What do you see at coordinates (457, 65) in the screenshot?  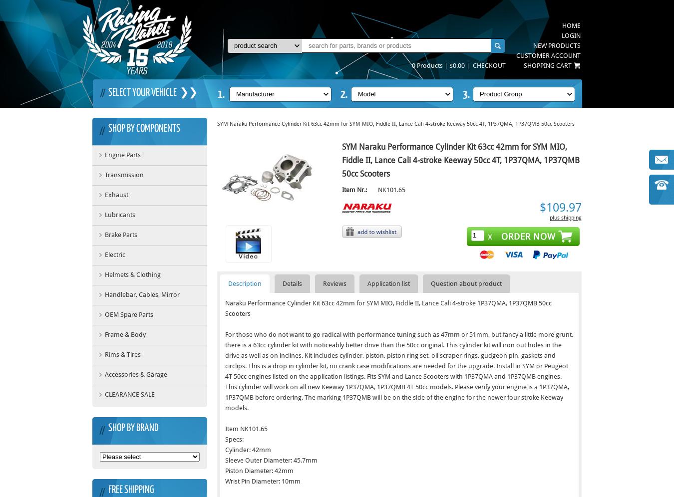 I see `'| $0.00 |'` at bounding box center [457, 65].